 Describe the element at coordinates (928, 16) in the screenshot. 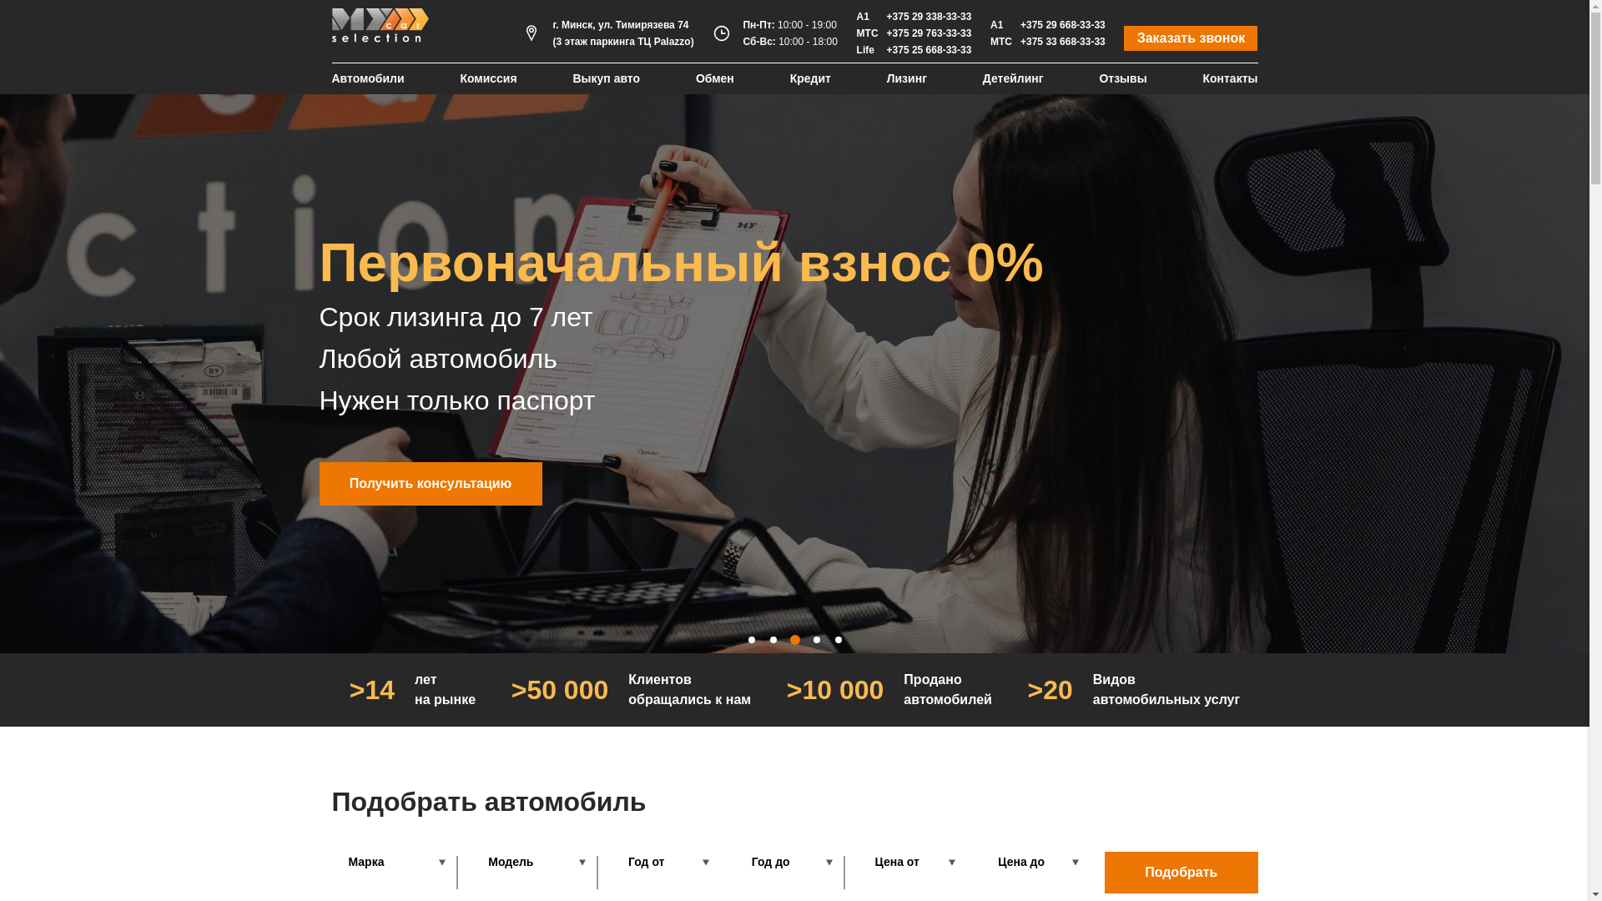

I see `'+375 29 338-33-33'` at that location.